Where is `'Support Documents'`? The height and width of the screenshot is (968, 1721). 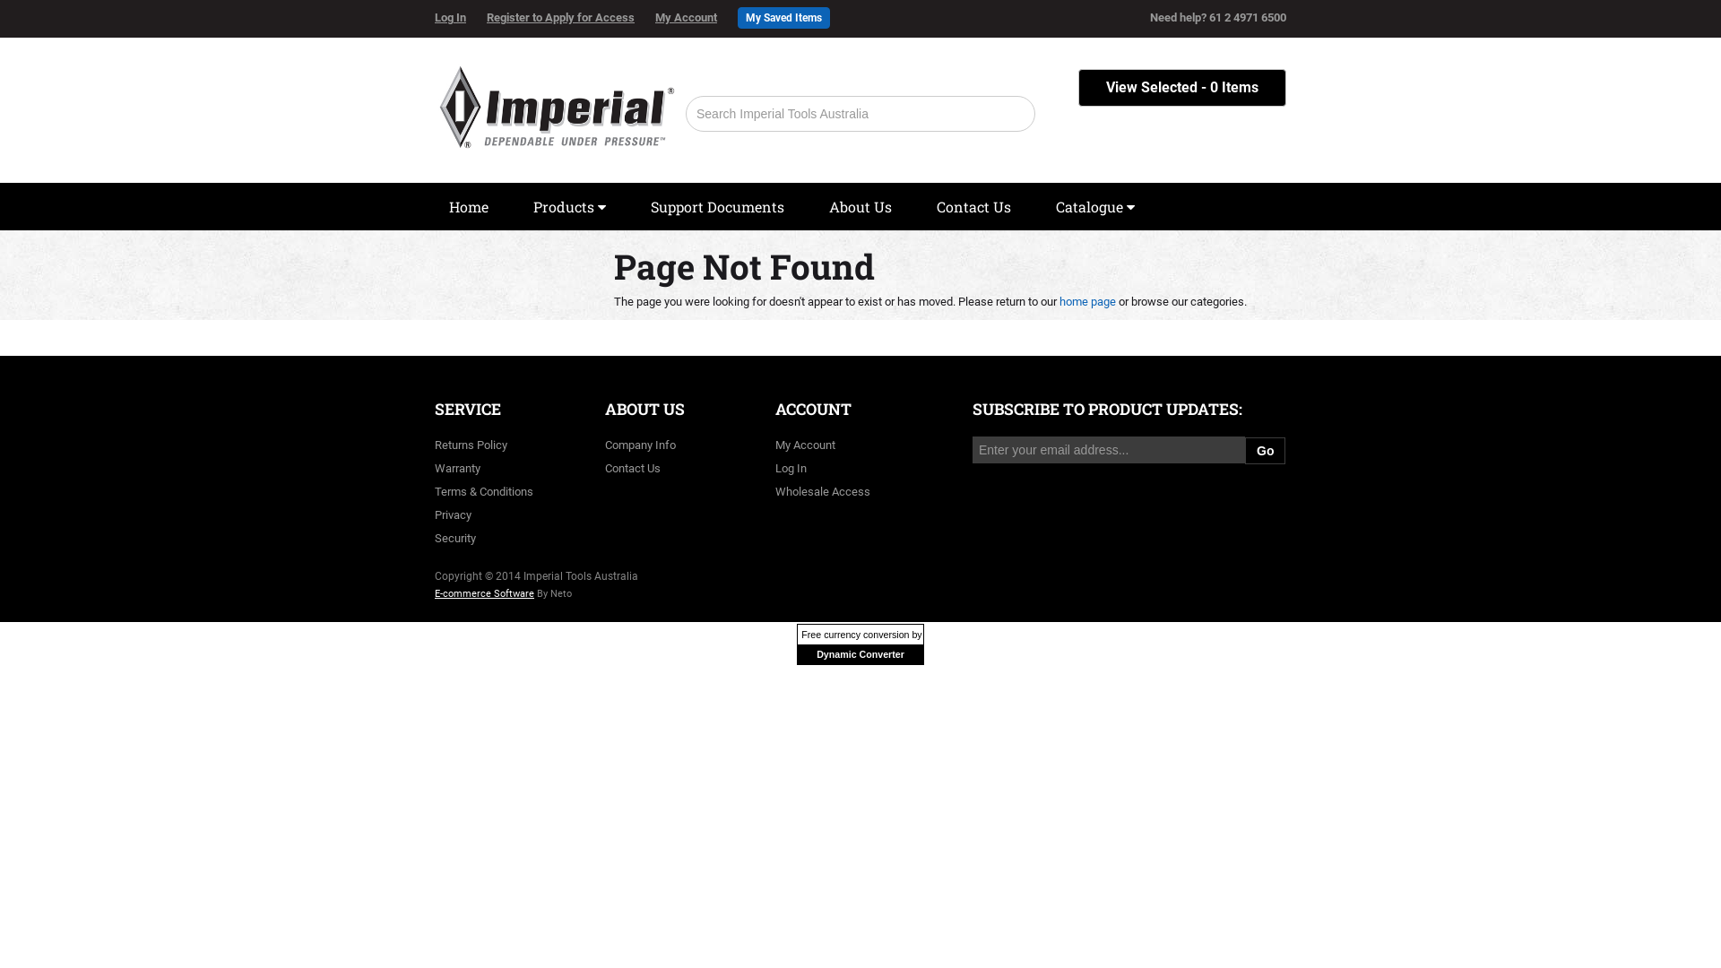
'Support Documents' is located at coordinates (717, 206).